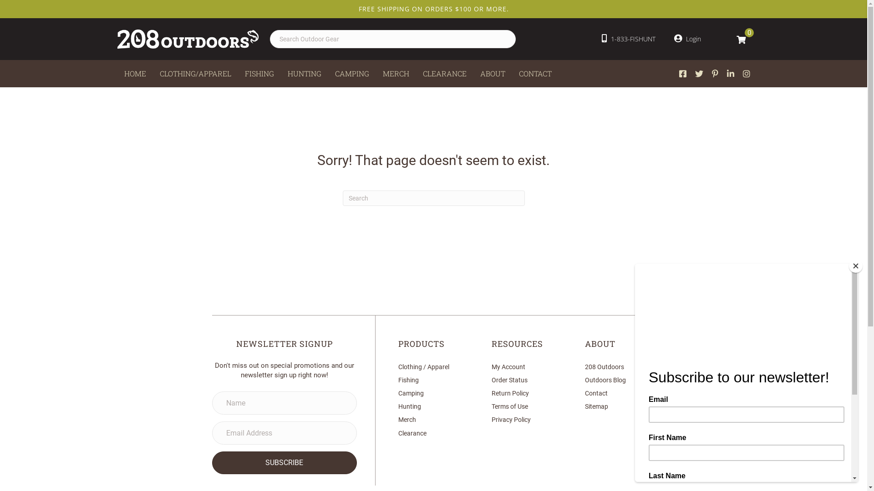  I want to click on 'Terms of Use', so click(491, 406).